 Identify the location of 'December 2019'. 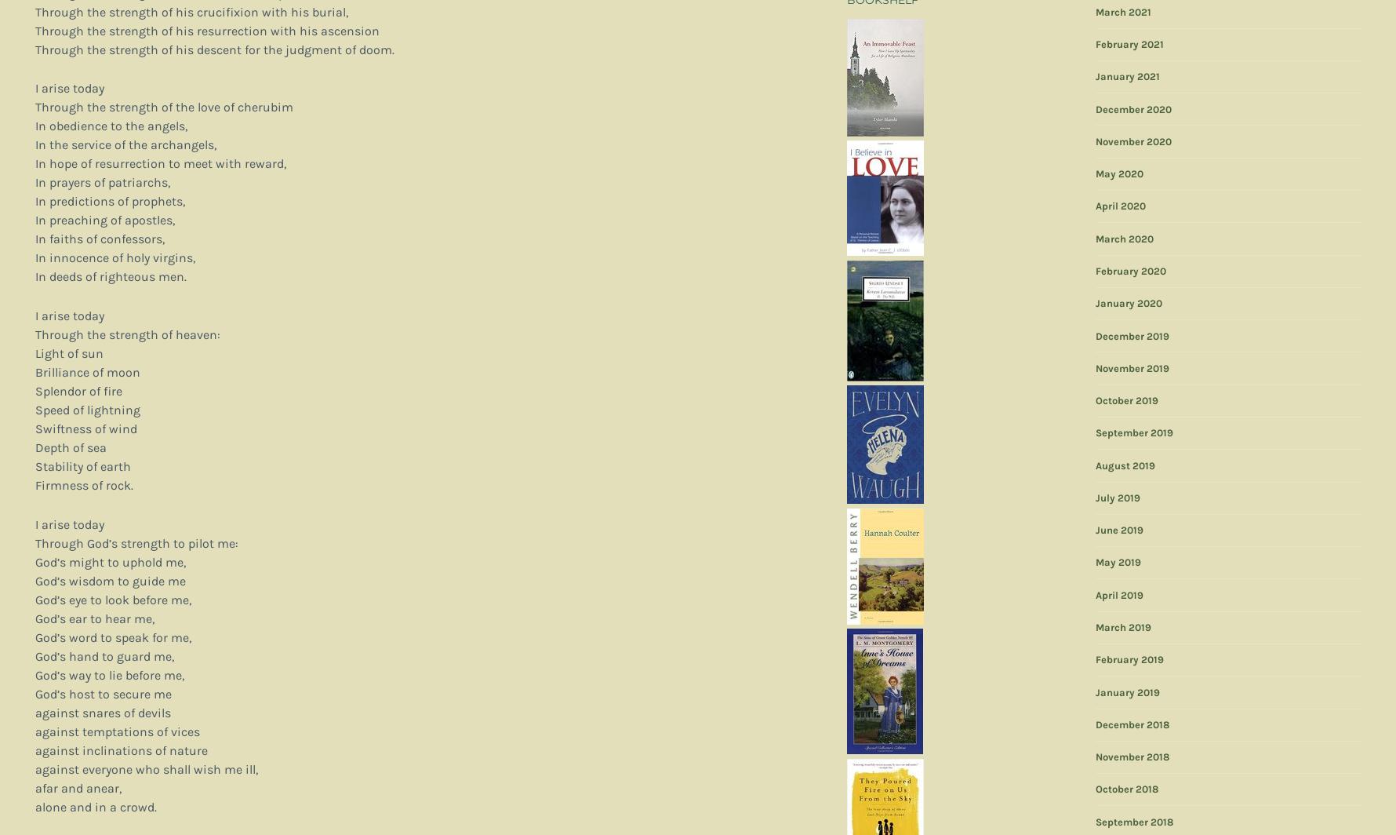
(1131, 335).